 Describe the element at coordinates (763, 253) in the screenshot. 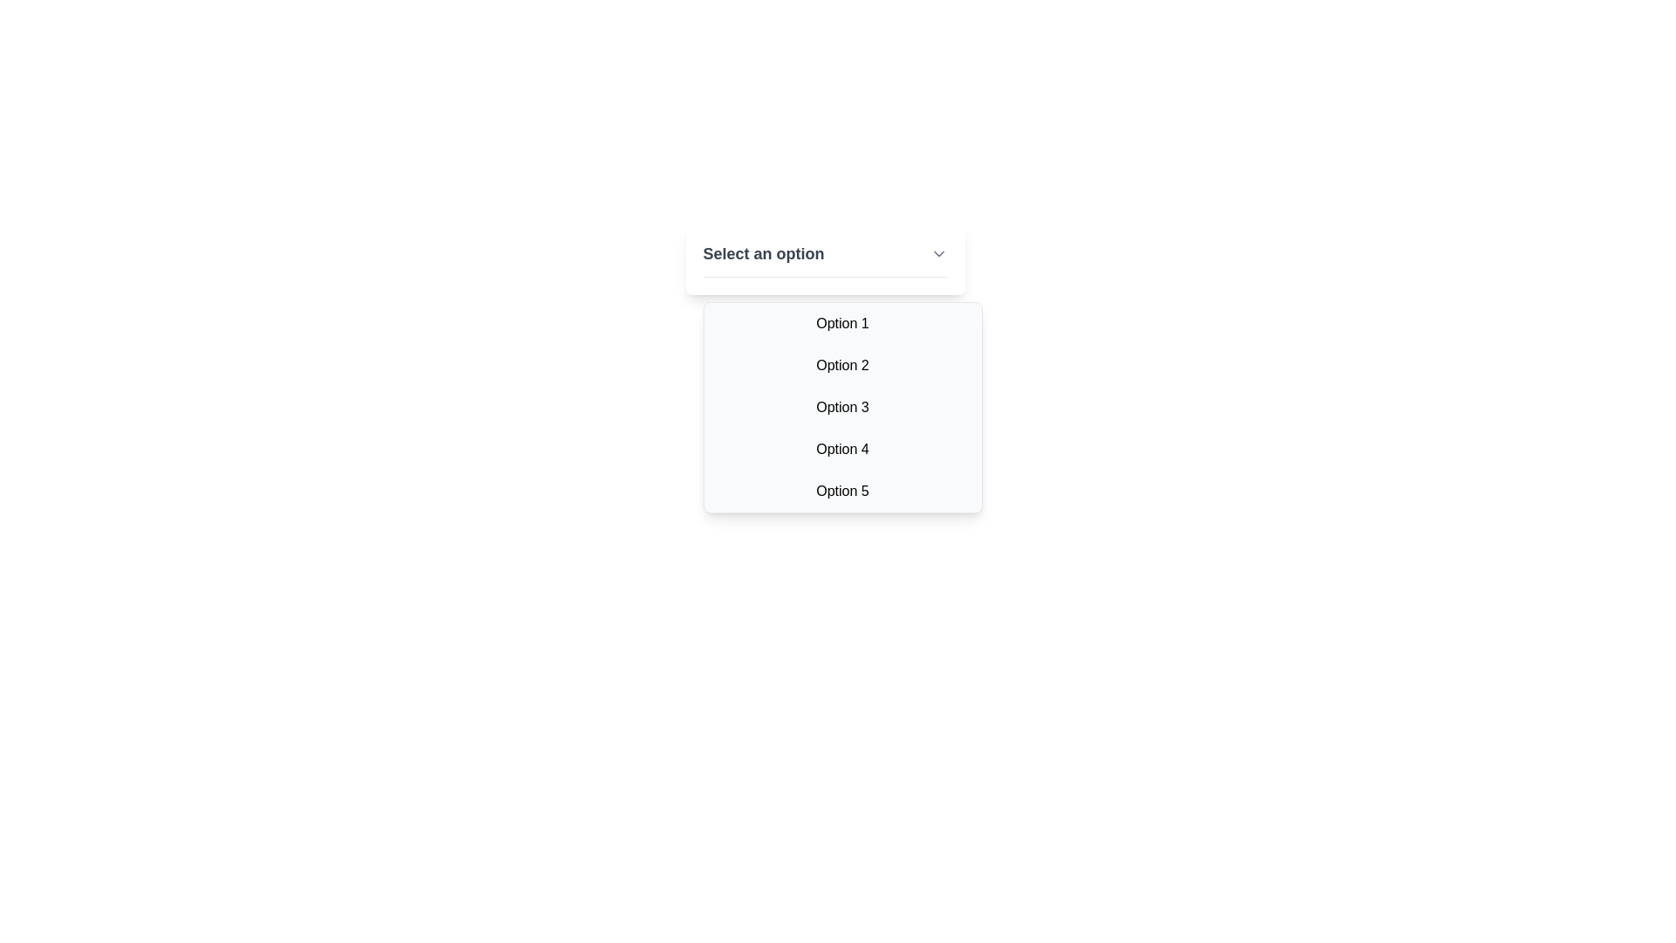

I see `the text label that says 'Select an option', which is styled in gray color and bold font, positioned to the left of a chevron-down icon within a dropdown-like interface` at that location.